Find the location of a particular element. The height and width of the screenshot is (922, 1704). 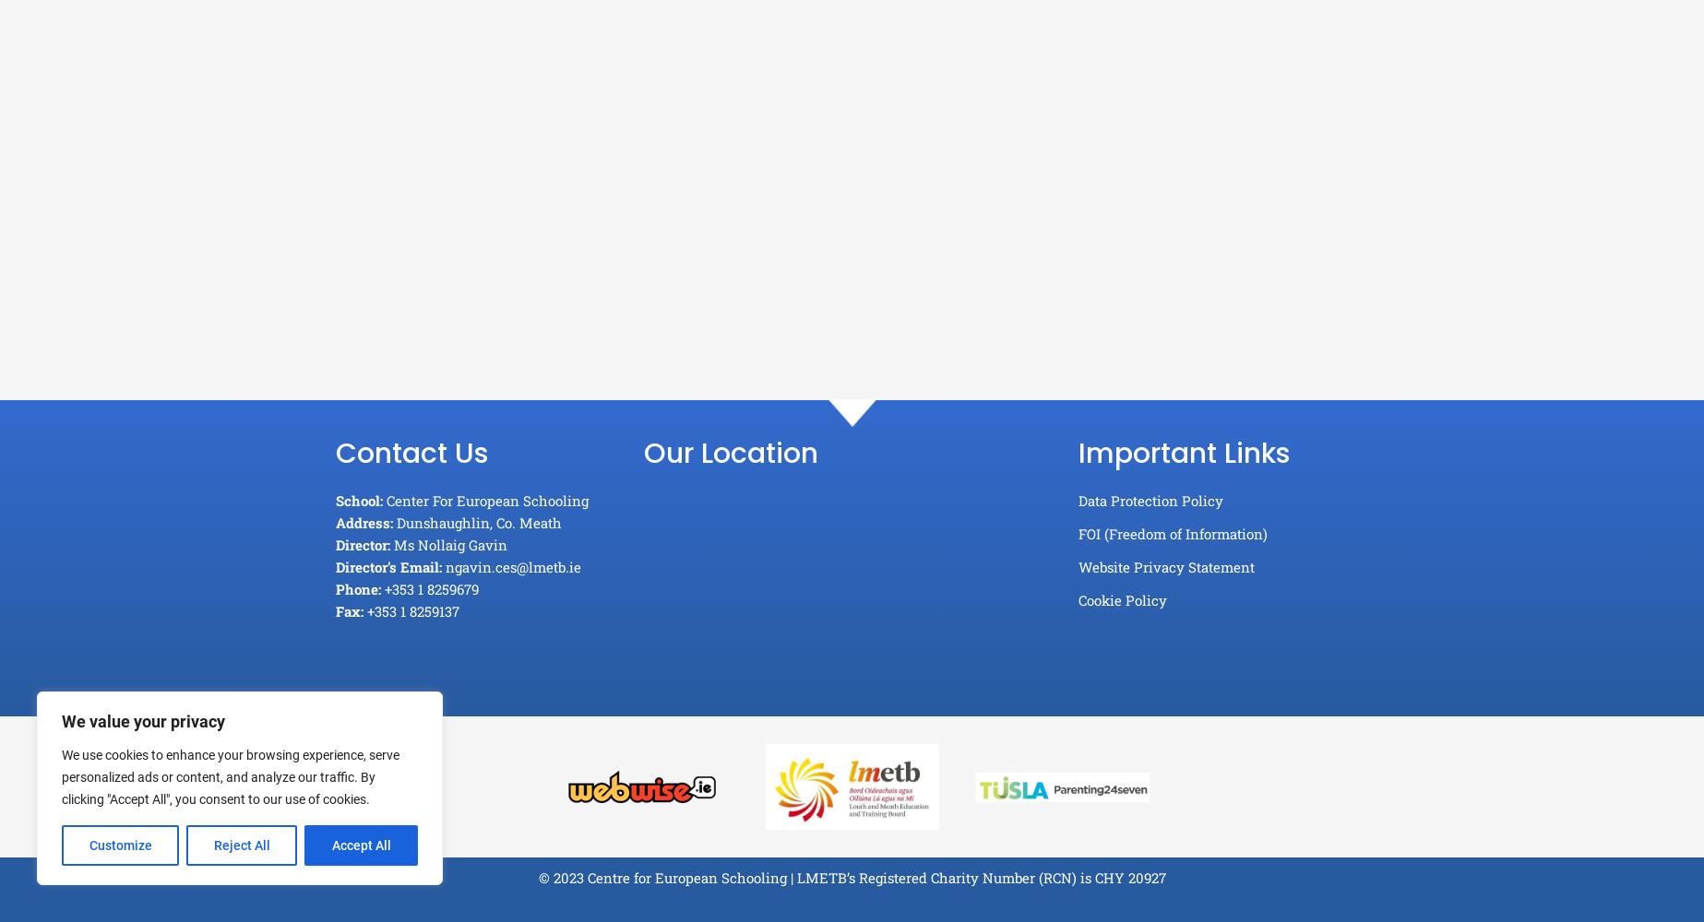

'Center For European Schooling' is located at coordinates (486, 501).